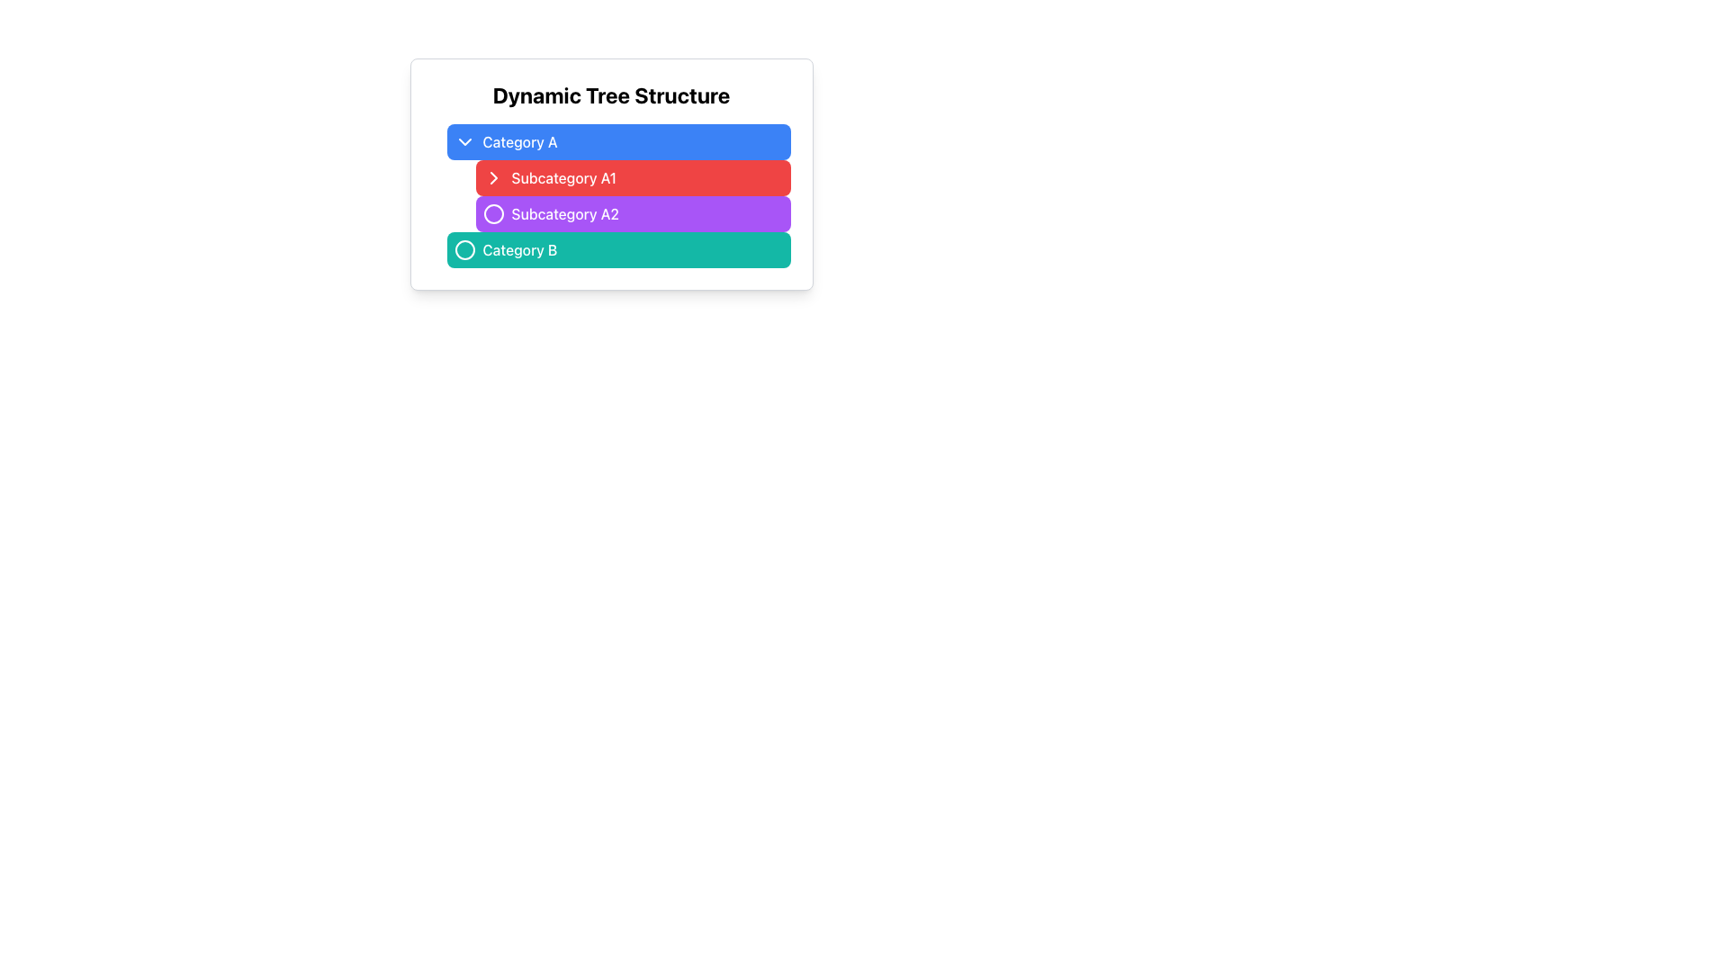  What do you see at coordinates (618, 141) in the screenshot?
I see `the blue rectangular button labeled 'Category A' with rounded corners` at bounding box center [618, 141].